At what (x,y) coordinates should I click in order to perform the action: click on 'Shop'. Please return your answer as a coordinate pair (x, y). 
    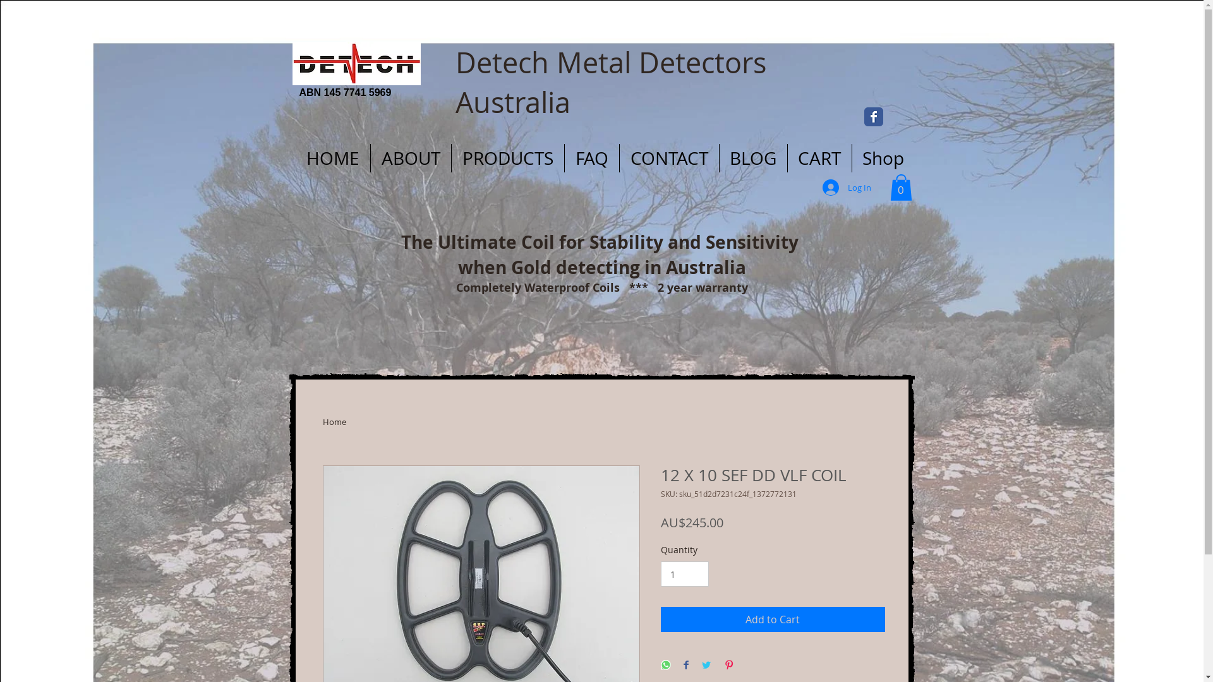
    Looking at the image, I should click on (882, 157).